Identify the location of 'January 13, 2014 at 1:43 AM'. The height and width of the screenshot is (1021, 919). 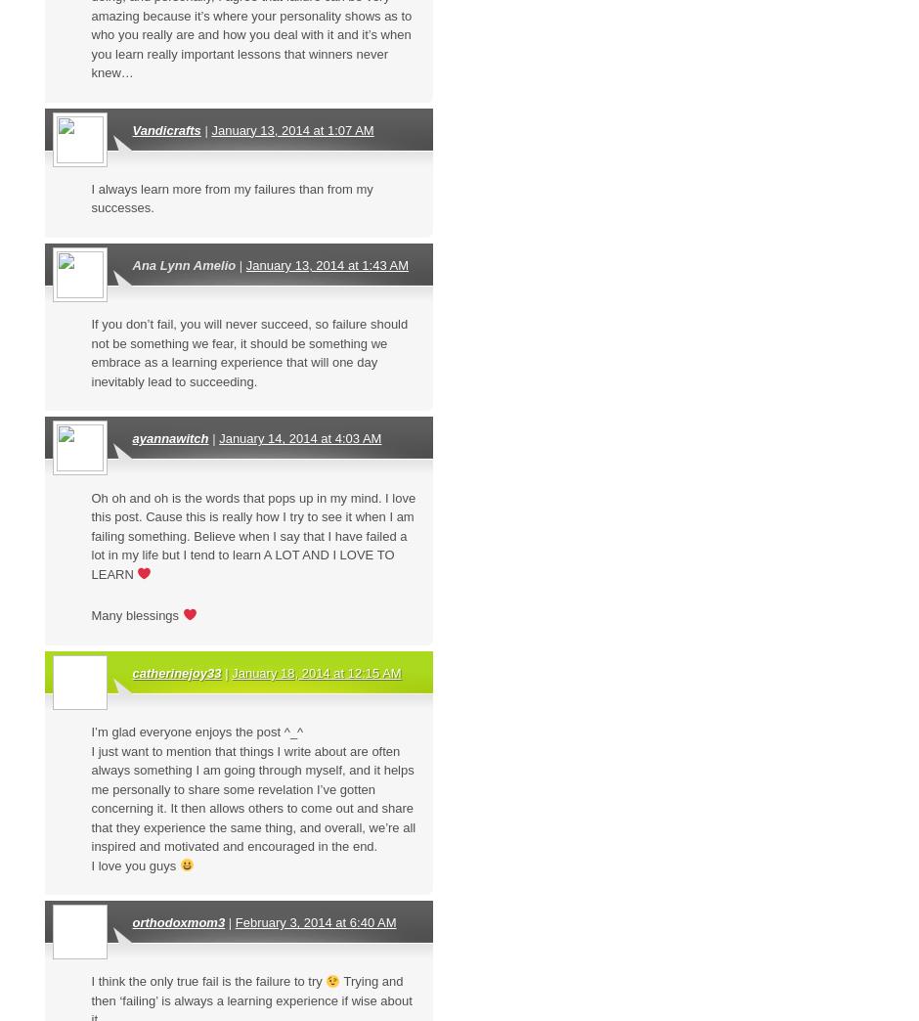
(327, 264).